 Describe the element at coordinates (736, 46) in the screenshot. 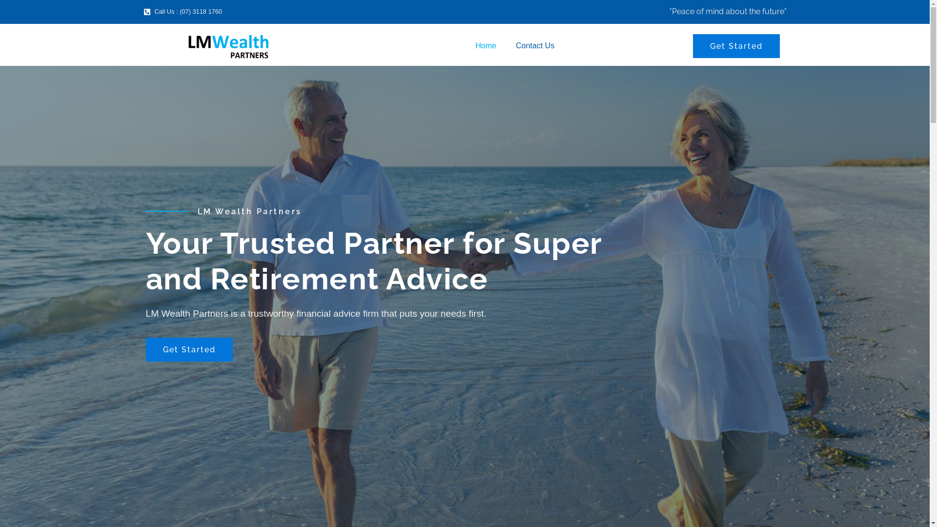

I see `'Get Started'` at that location.